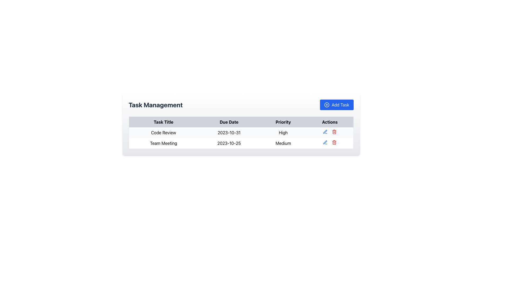 The height and width of the screenshot is (286, 509). Describe the element at coordinates (334, 131) in the screenshot. I see `the red trash bin icon in the Actions column of the second row in the task management table` at that location.